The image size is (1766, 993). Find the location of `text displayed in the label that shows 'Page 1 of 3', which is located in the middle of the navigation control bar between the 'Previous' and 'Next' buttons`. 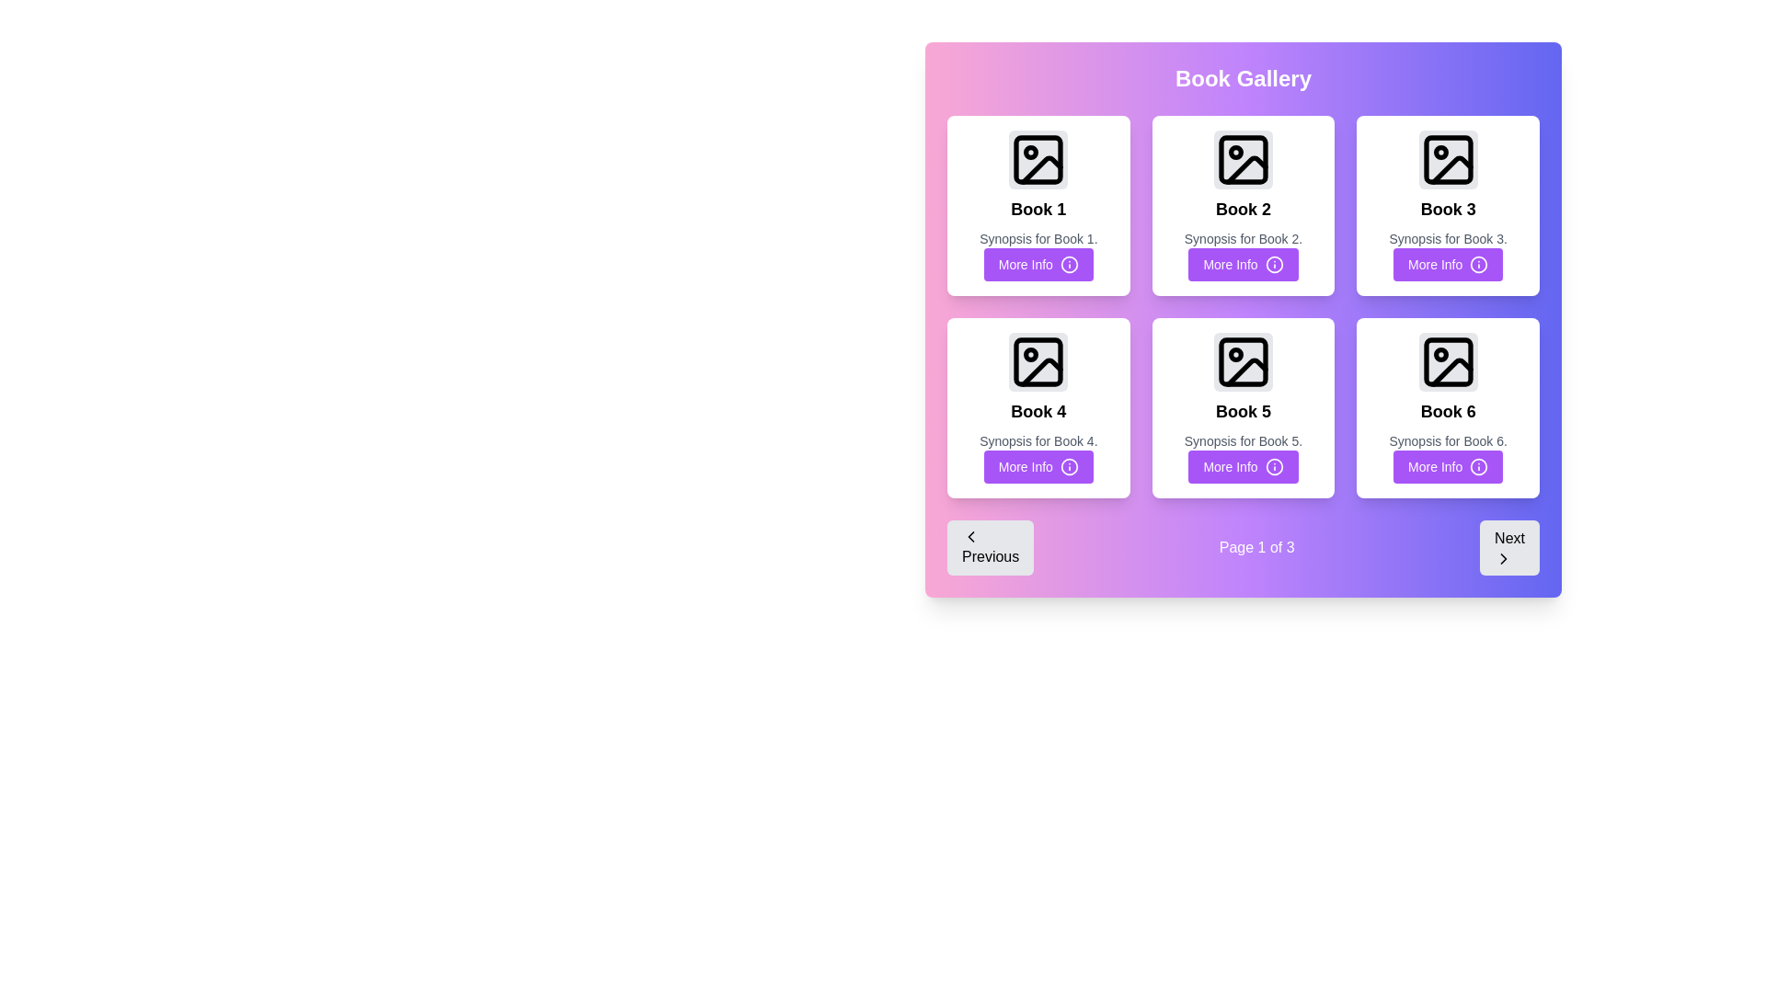

text displayed in the label that shows 'Page 1 of 3', which is located in the middle of the navigation control bar between the 'Previous' and 'Next' buttons is located at coordinates (1256, 547).